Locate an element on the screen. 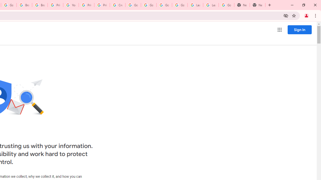 The image size is (321, 180). 'YouTube' is located at coordinates (70, 5).